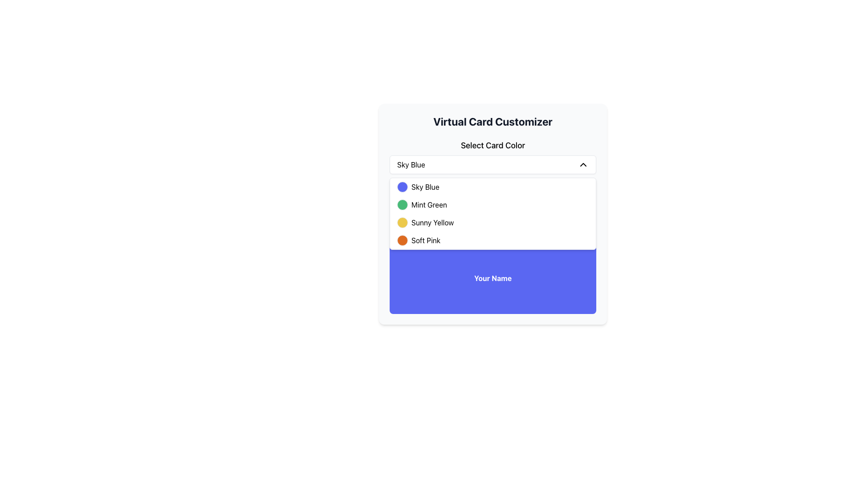 The width and height of the screenshot is (855, 481). Describe the element at coordinates (402, 187) in the screenshot. I see `the circular decorative element with a blue background located to the immediate left of the text 'Sky Blue' in the 'Select Card Color' dropdown menu` at that location.